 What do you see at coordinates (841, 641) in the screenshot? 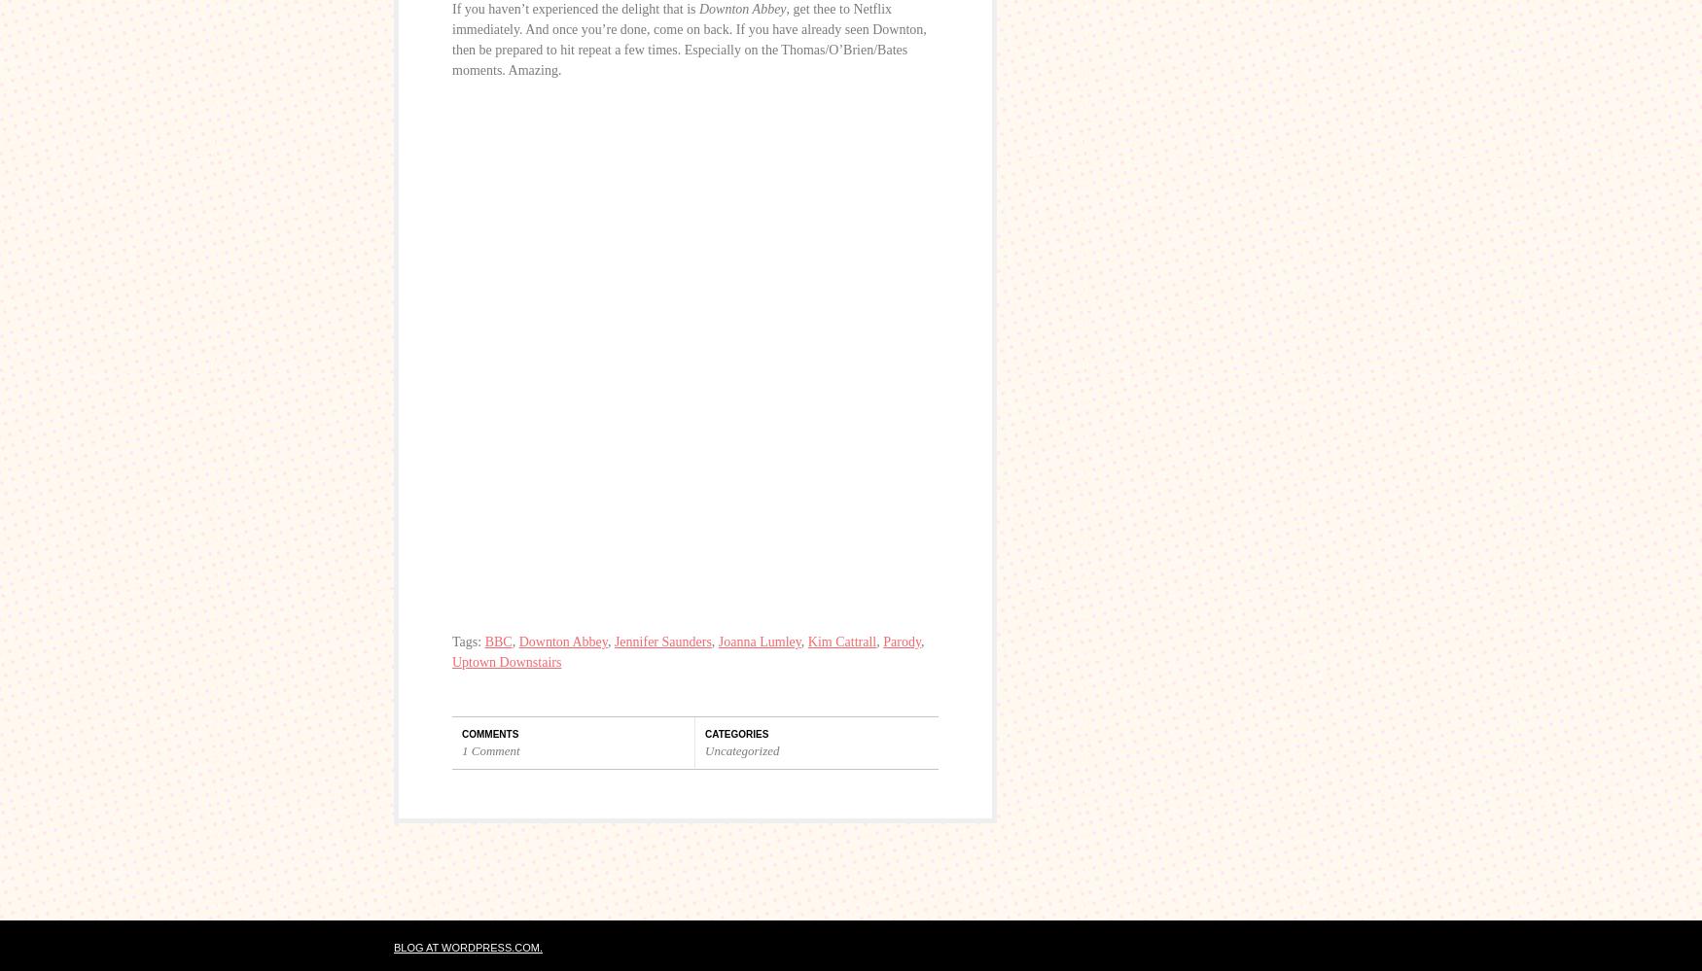
I see `'Kim Cattrall'` at bounding box center [841, 641].